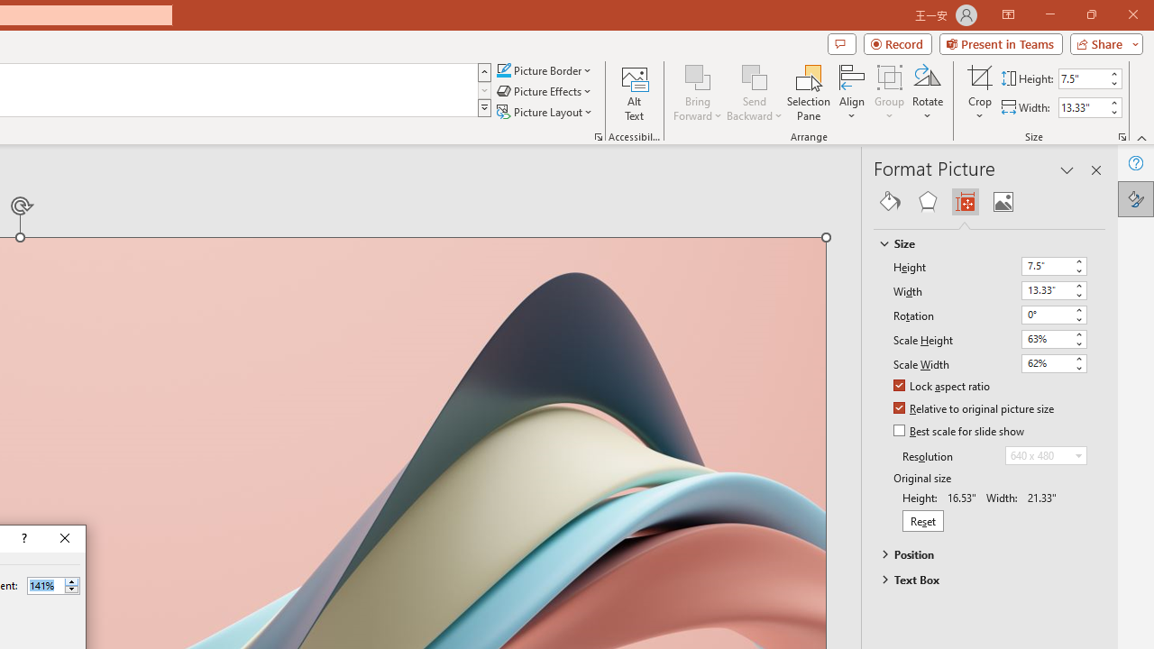 The width and height of the screenshot is (1154, 649). What do you see at coordinates (1121, 135) in the screenshot?
I see `'Size and Position...'` at bounding box center [1121, 135].